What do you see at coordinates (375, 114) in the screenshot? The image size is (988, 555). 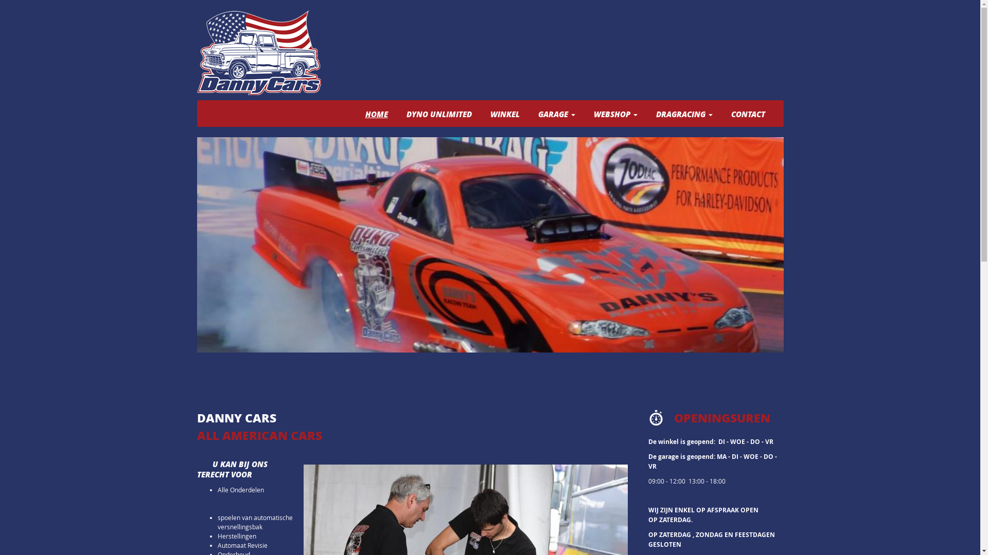 I see `'HOME'` at bounding box center [375, 114].